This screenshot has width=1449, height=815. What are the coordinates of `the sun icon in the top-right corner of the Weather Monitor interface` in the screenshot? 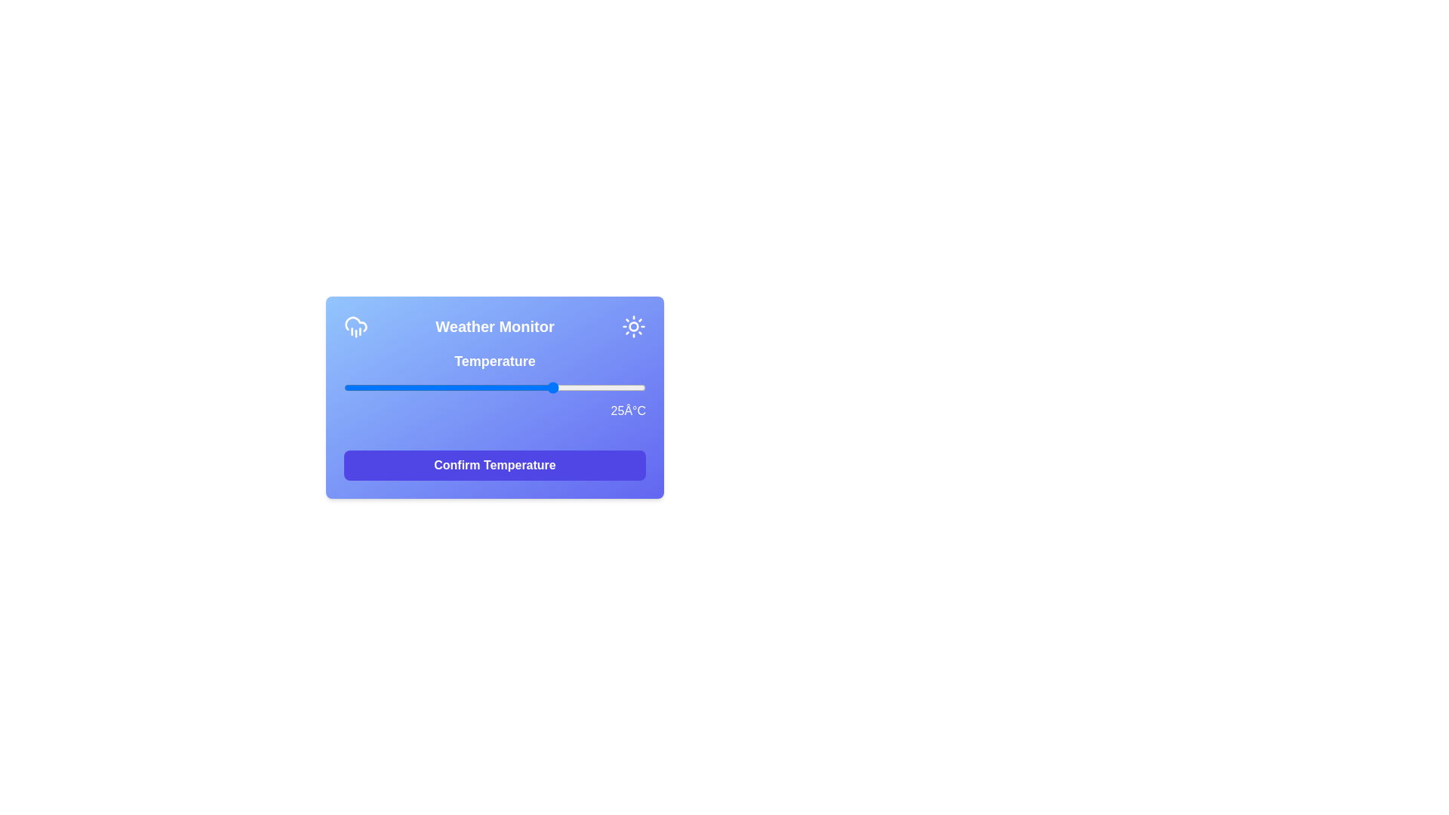 It's located at (634, 325).